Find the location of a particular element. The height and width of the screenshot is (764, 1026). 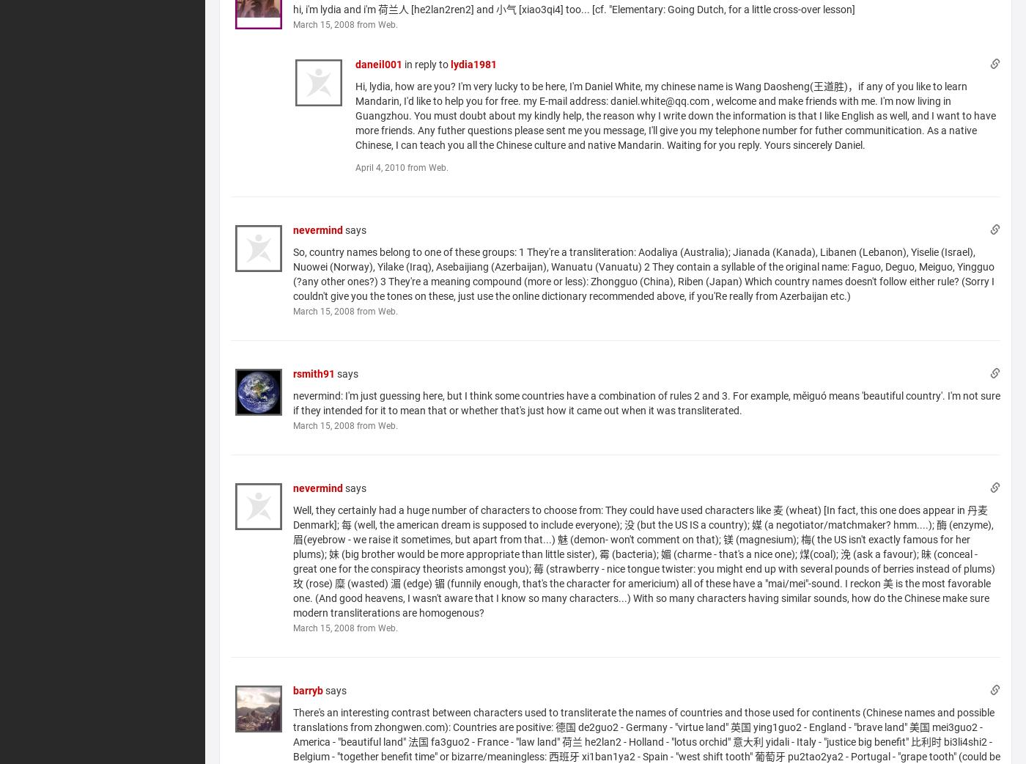

'in reply to' is located at coordinates (426, 63).